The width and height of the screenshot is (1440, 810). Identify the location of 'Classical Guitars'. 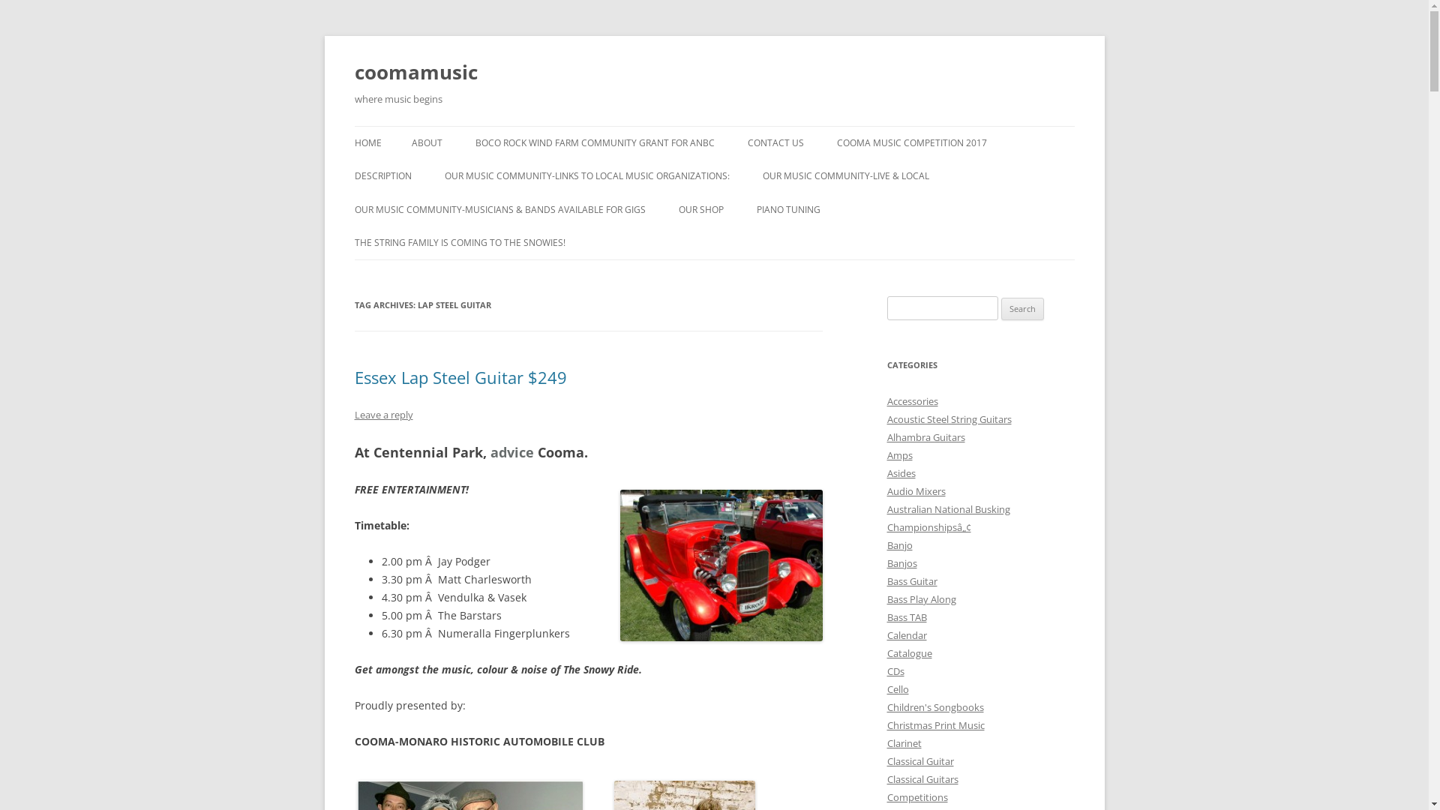
(921, 778).